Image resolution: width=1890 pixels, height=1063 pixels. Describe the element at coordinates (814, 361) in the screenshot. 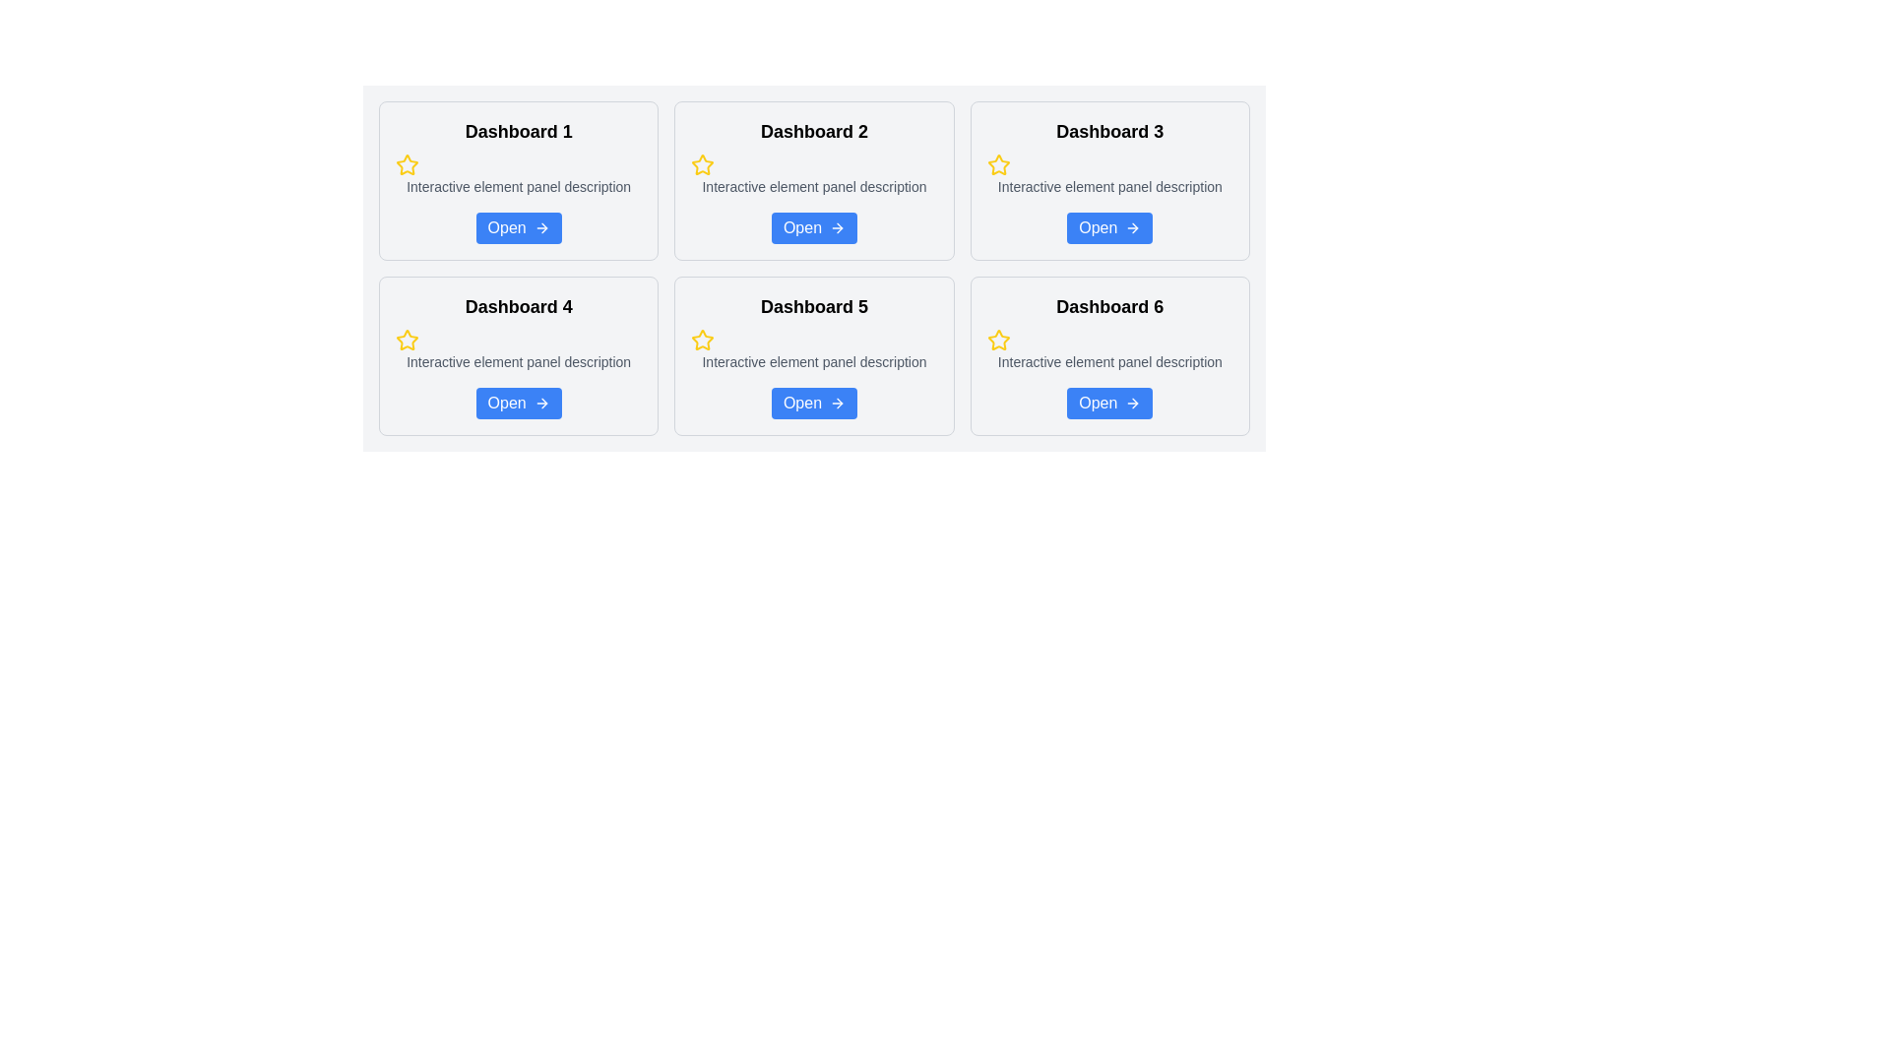

I see `the text label reading 'Interactive element panel description' located below the heading 'Dashboard 5' and above the blue button labeled 'Open'` at that location.